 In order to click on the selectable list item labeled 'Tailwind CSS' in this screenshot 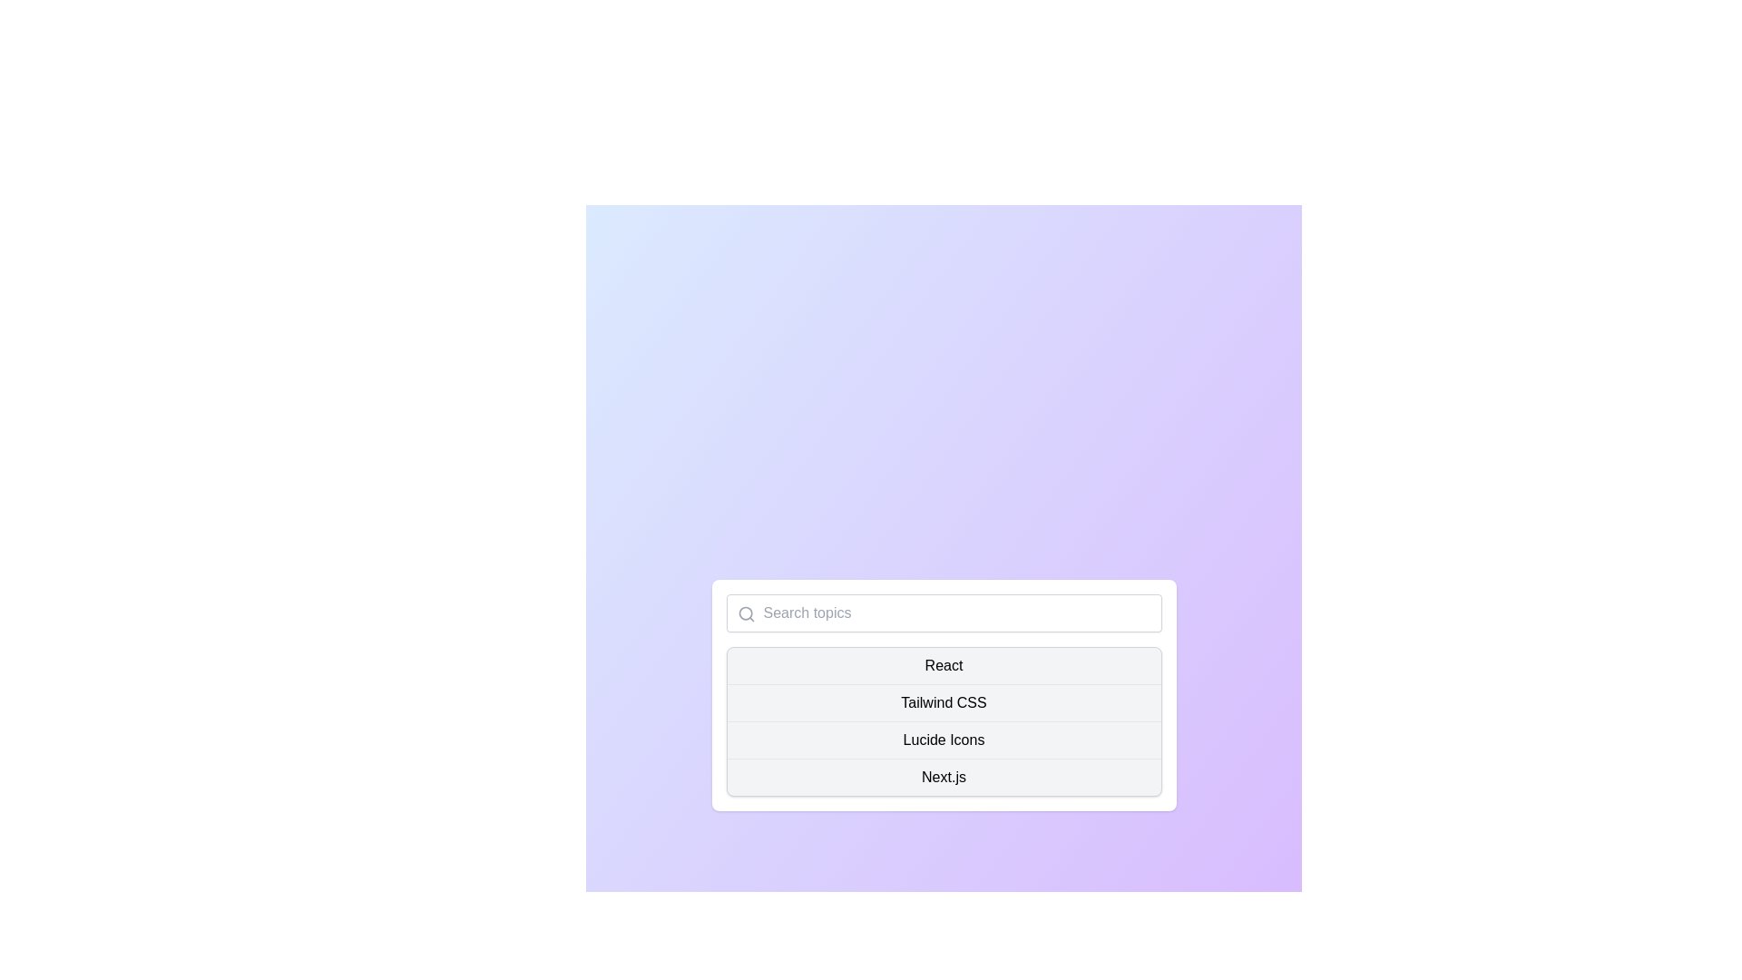, I will do `click(944, 694)`.